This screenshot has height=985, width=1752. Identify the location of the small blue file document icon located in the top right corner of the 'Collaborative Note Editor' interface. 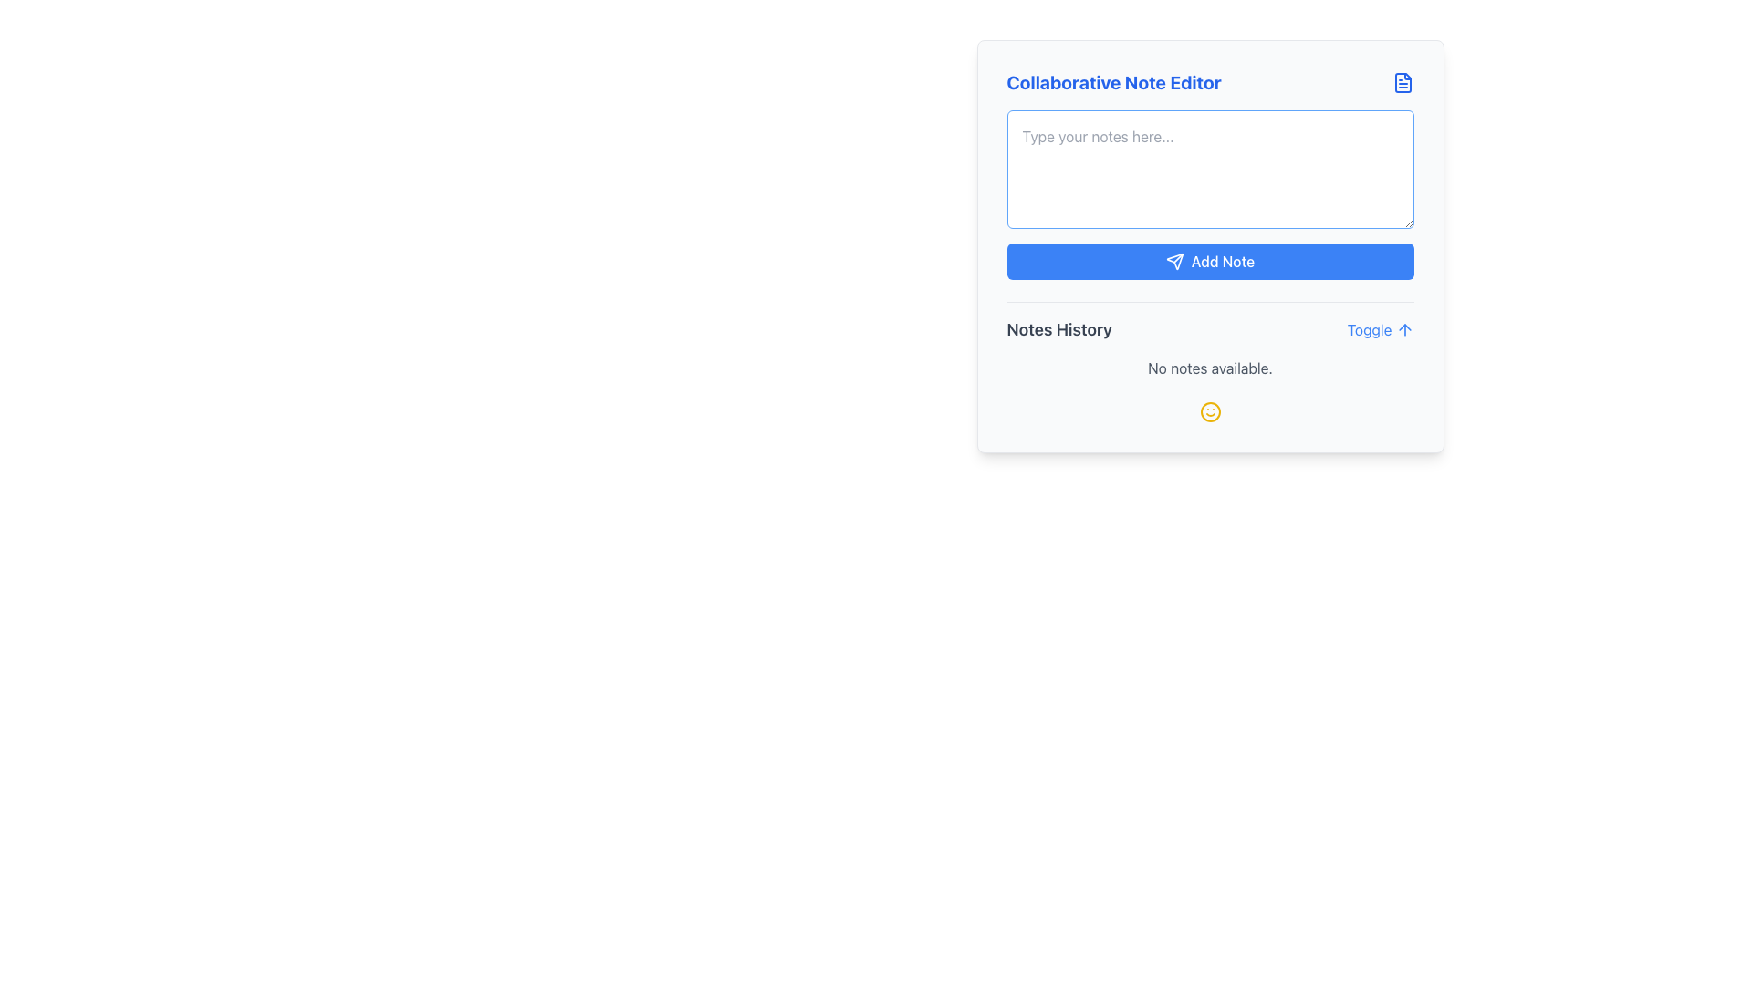
(1402, 83).